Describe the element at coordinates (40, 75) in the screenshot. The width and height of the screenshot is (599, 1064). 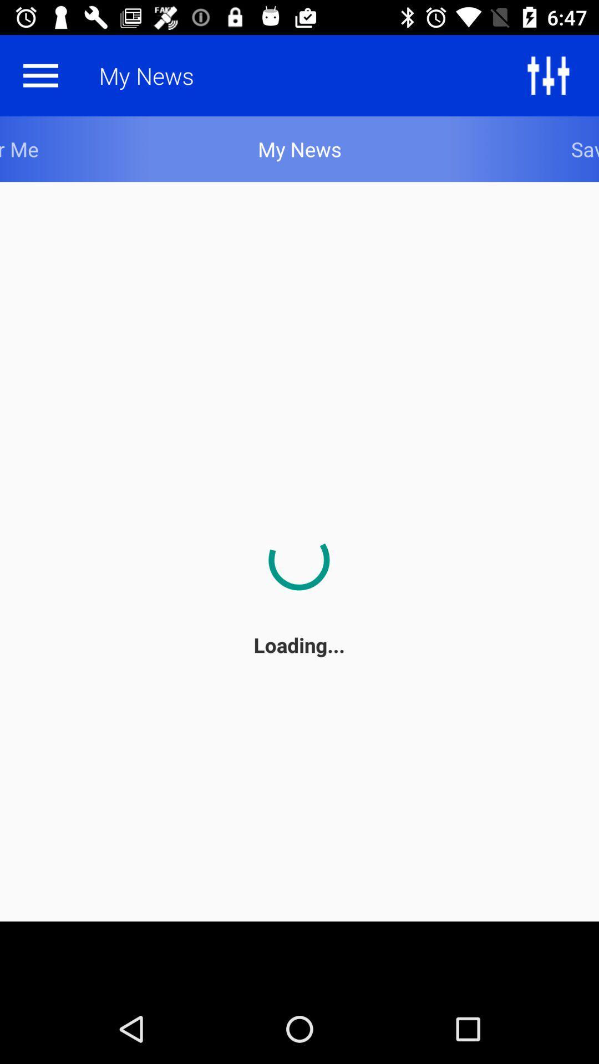
I see `home` at that location.